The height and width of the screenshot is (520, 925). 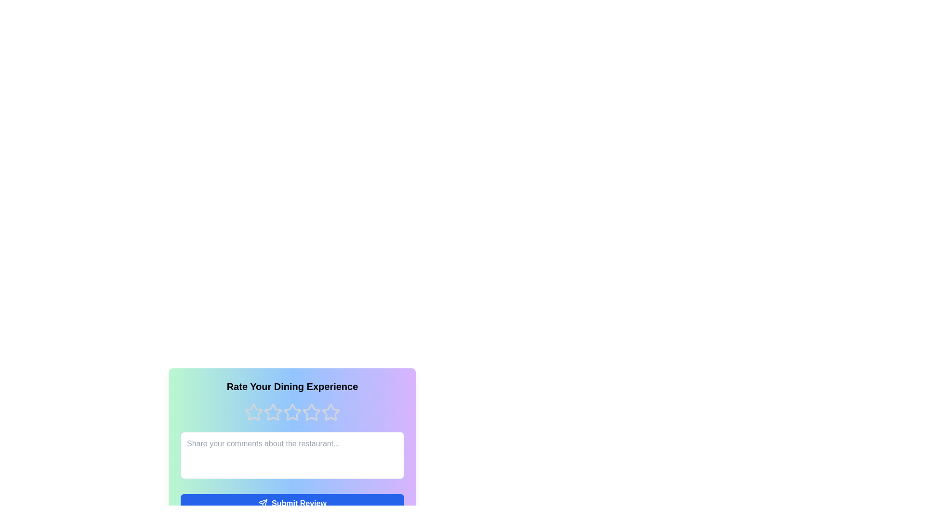 I want to click on the first star button in the five-star rating interface, located directly below the text 'Rate Your Dining Experience', so click(x=254, y=412).